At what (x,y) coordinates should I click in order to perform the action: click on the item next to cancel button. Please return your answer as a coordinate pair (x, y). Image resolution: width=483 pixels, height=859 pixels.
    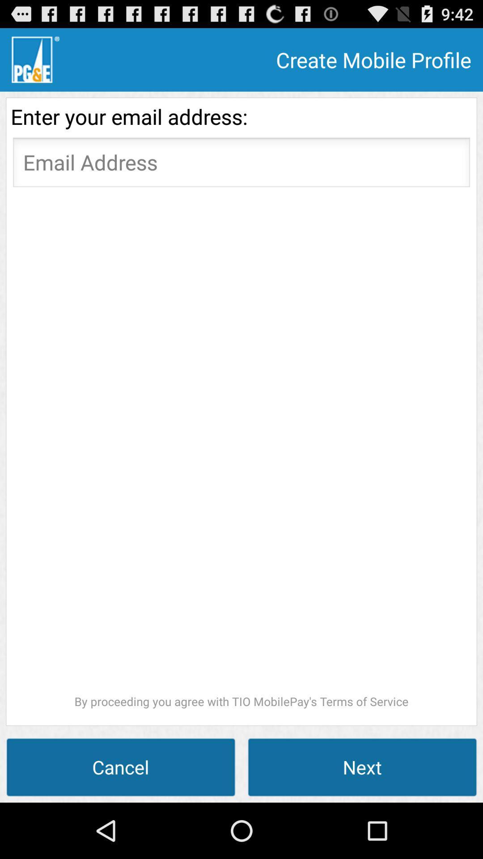
    Looking at the image, I should click on (362, 766).